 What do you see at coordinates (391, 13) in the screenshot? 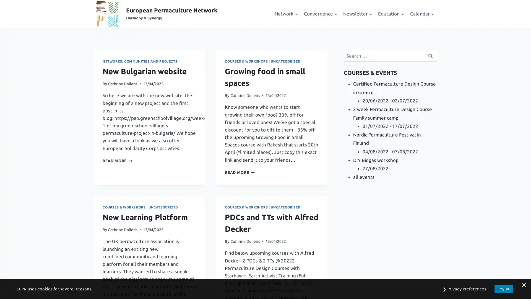
I see `Expand child menu` at bounding box center [391, 13].